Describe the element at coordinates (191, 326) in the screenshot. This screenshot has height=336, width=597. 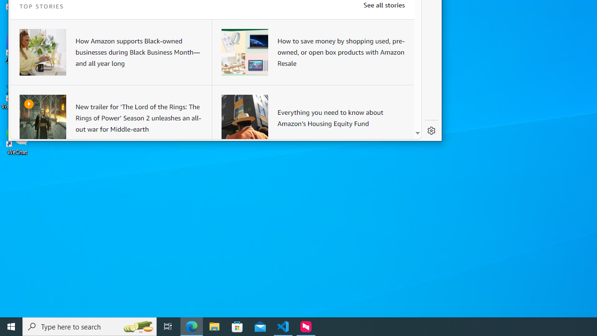
I see `'Microsoft Edge - 1 running window'` at that location.